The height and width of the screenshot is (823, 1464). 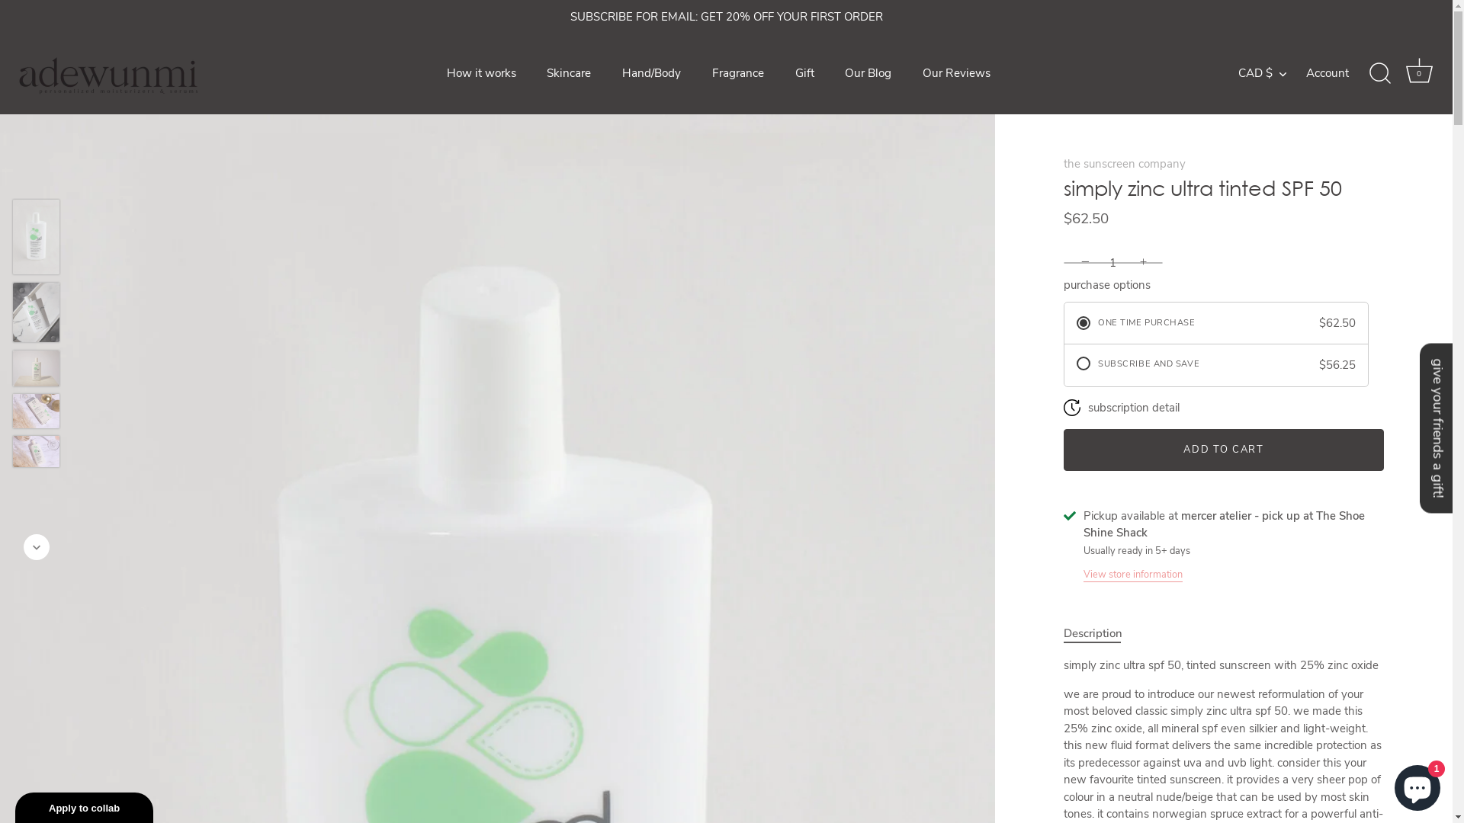 I want to click on 'Our Blog', so click(x=868, y=73).